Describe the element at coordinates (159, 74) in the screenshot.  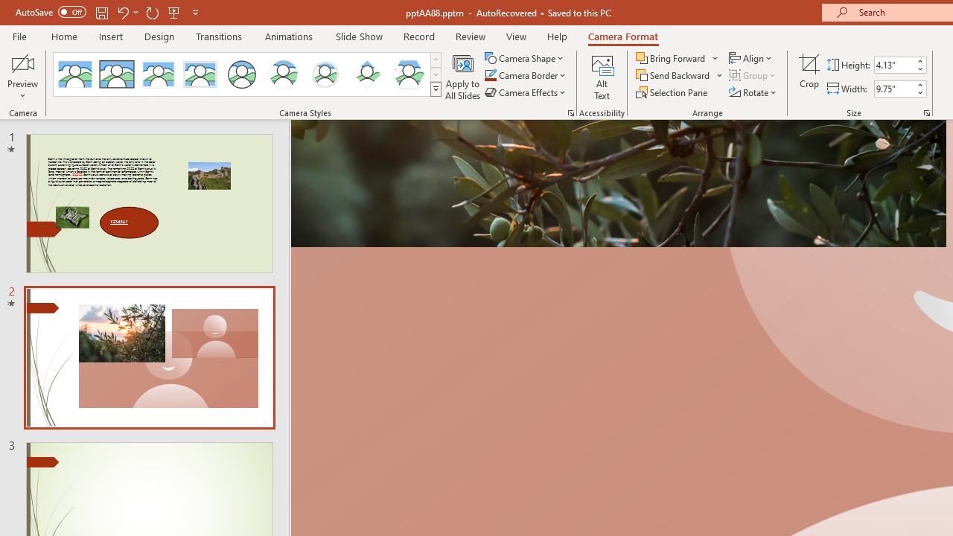
I see `'Center Shadow Rectangle'` at that location.